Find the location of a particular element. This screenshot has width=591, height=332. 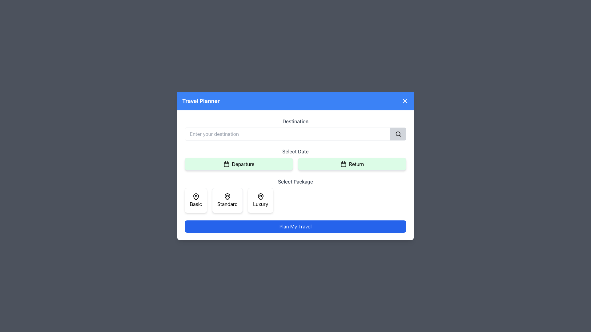

the return date selection button located to the right of the Departure button under the 'Select Date' heading is located at coordinates (352, 164).